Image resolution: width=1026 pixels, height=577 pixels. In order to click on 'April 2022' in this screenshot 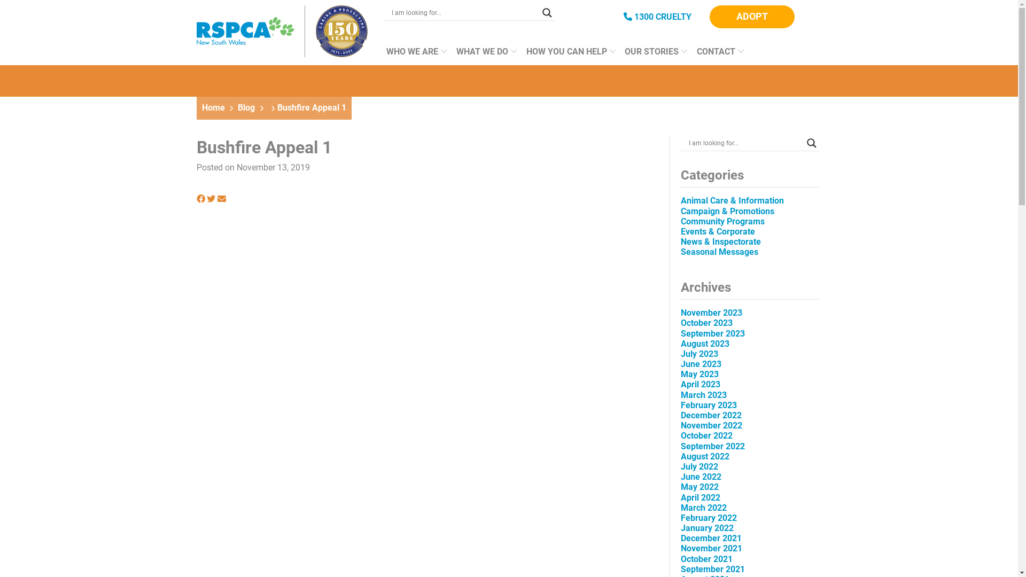, I will do `click(700, 497)`.